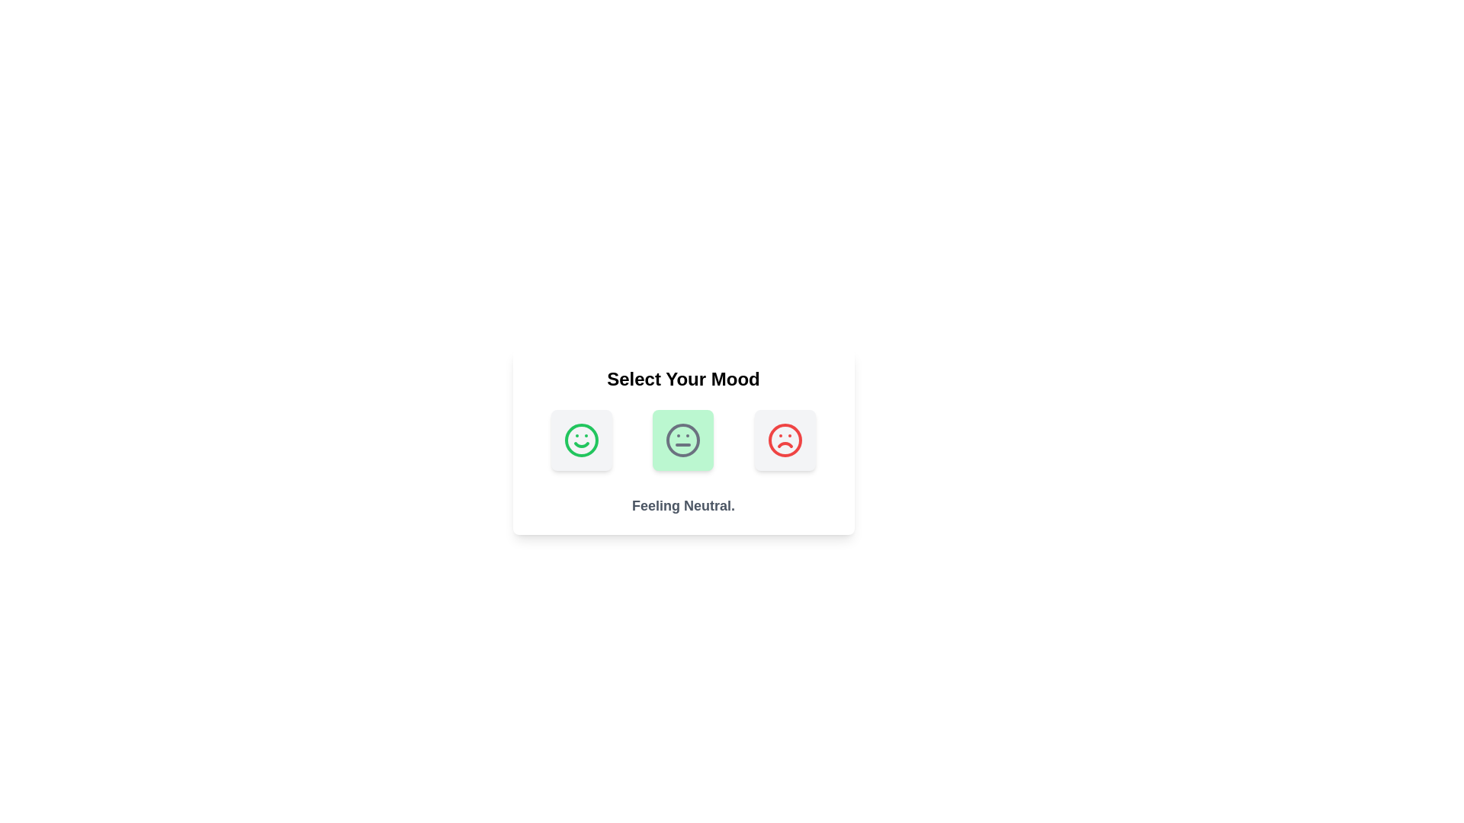  Describe the element at coordinates (785, 440) in the screenshot. I see `the rightmost icon representing a negative or unhappy emotion` at that location.